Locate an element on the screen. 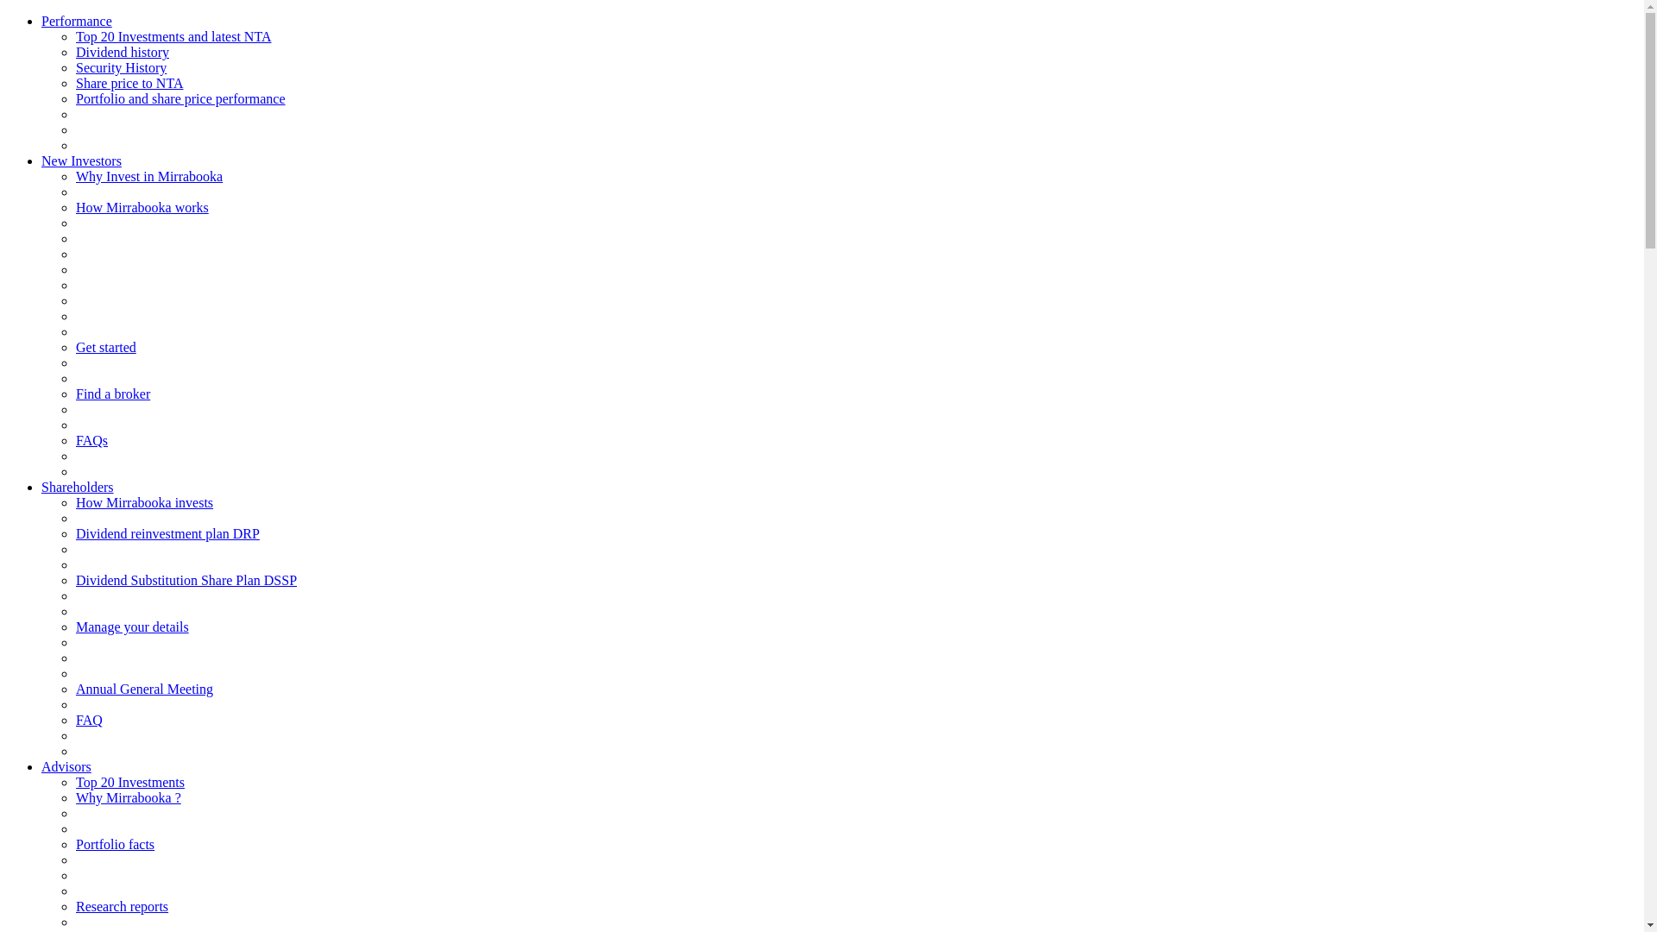 The height and width of the screenshot is (932, 1657). 'Top 20 Investments and latest NTA' is located at coordinates (173, 36).